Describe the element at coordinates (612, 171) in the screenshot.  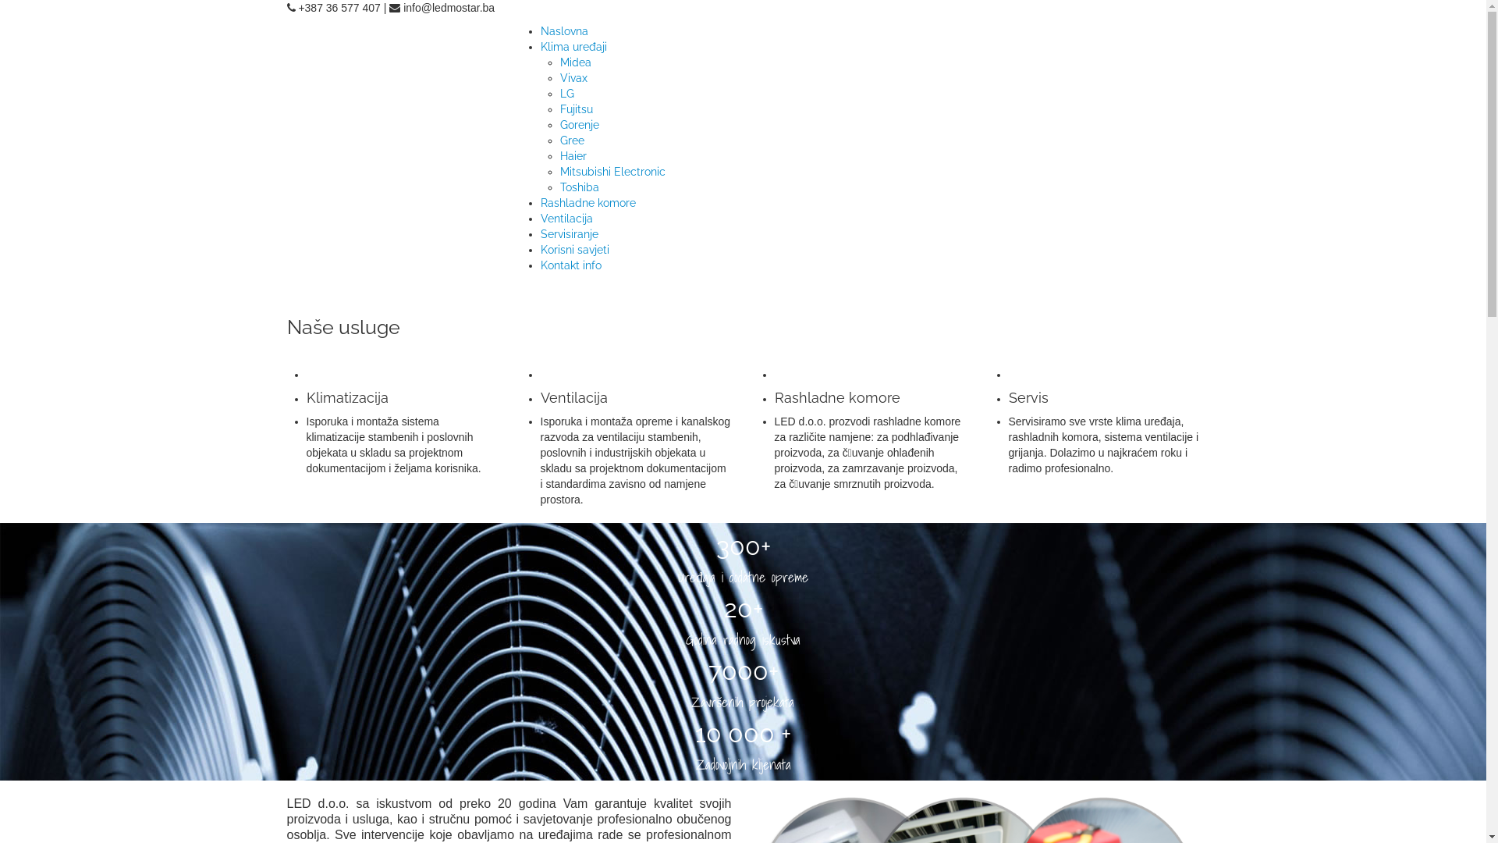
I see `'Mitsubishi Electronic'` at that location.